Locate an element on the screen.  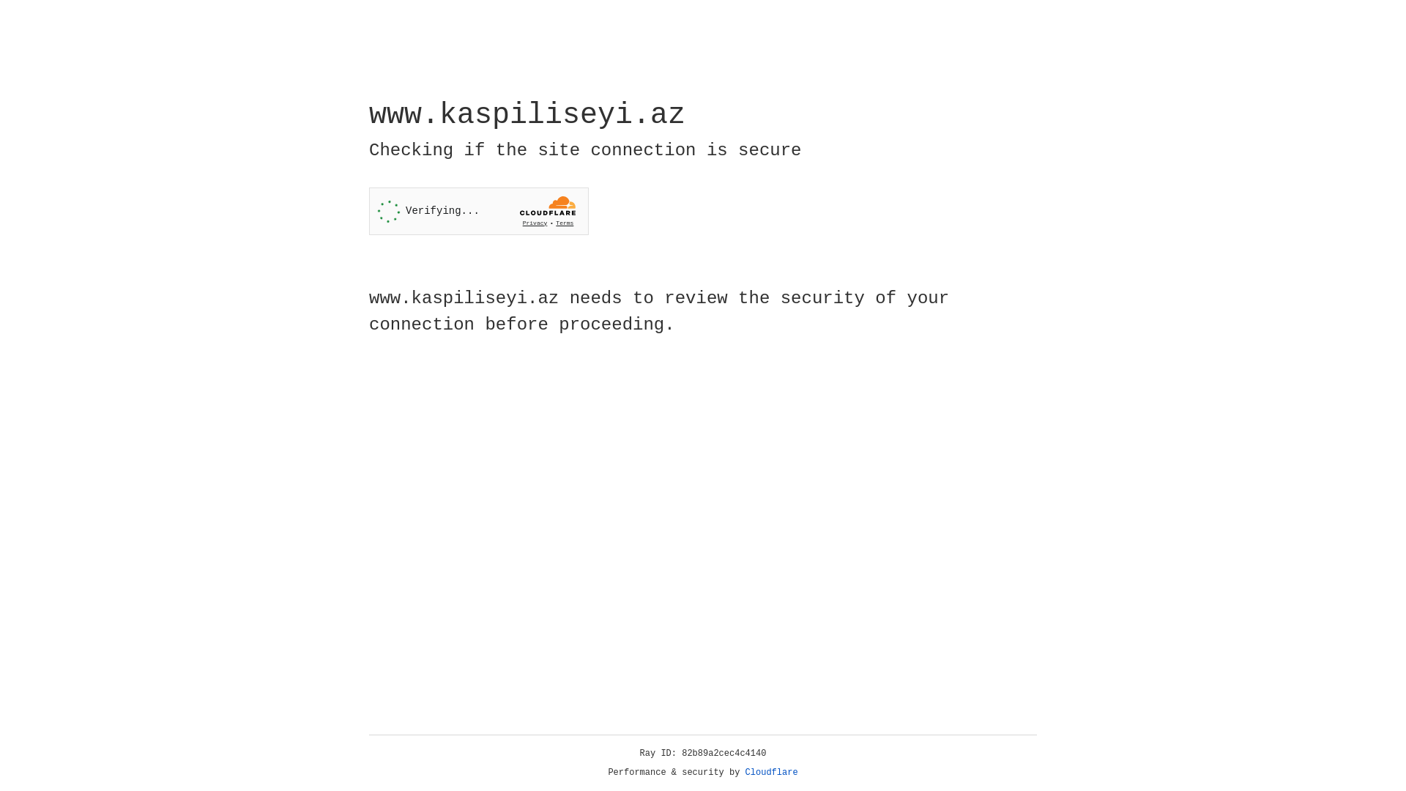
'Cloudflare' is located at coordinates (771, 772).